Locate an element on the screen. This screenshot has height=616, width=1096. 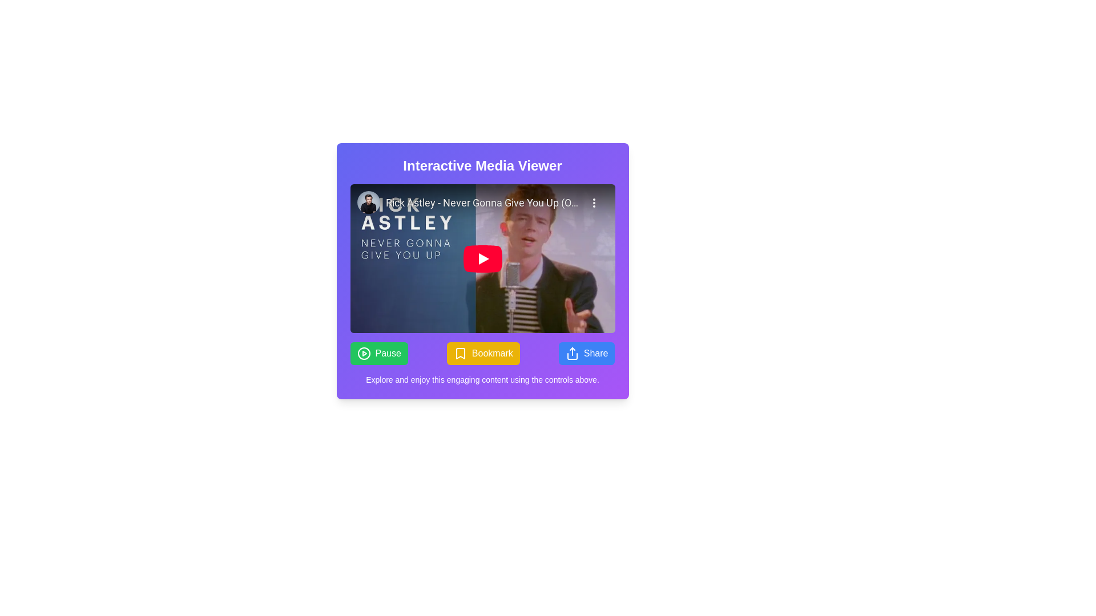
the buttons in the Interactive Media Viewer, which includes 'Pause', 'Bookmark', and 'Share', for visual feedback is located at coordinates (482, 271).